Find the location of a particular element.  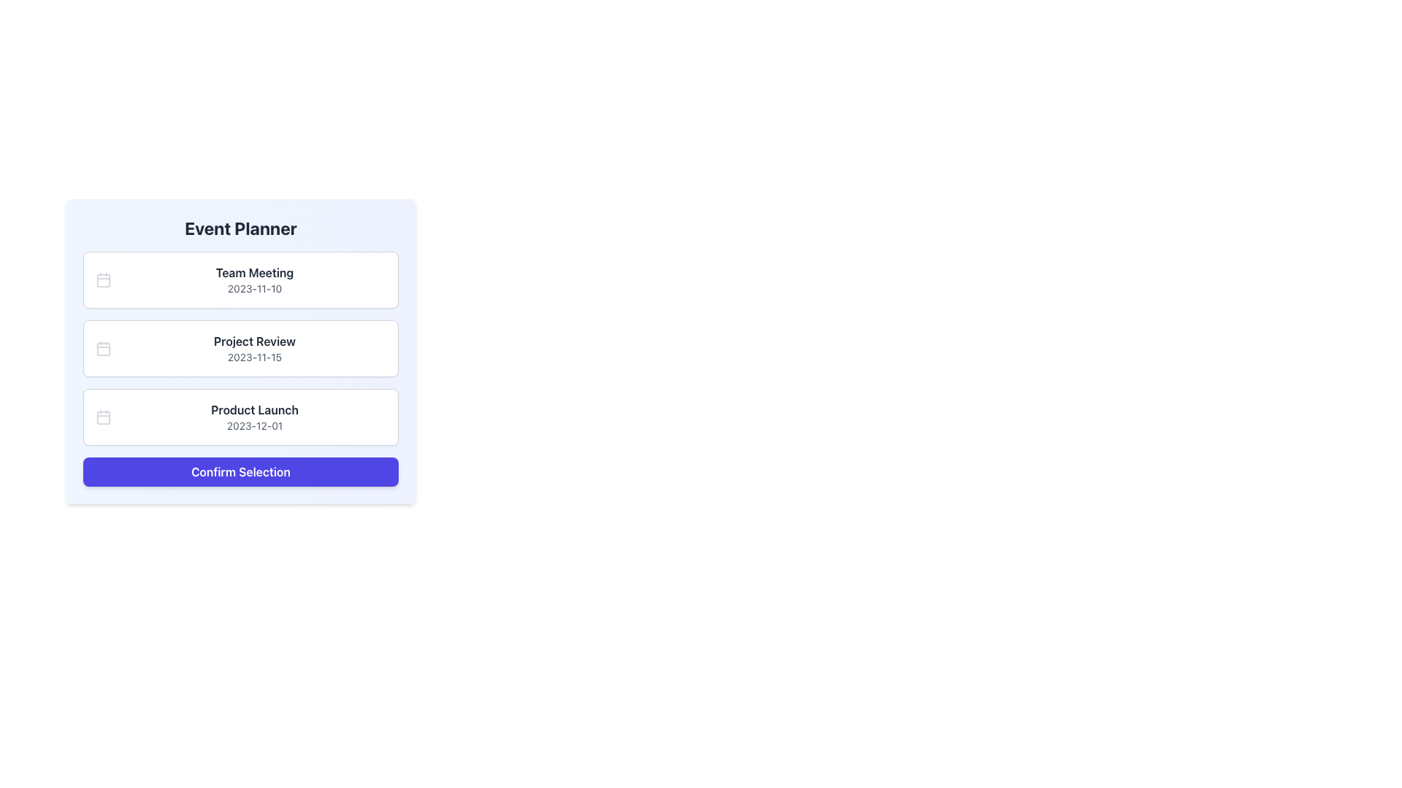

the calendar icon located to the left of the 'Project Review' text, which serves as a visual indicator of date-specific details is located at coordinates (103, 349).